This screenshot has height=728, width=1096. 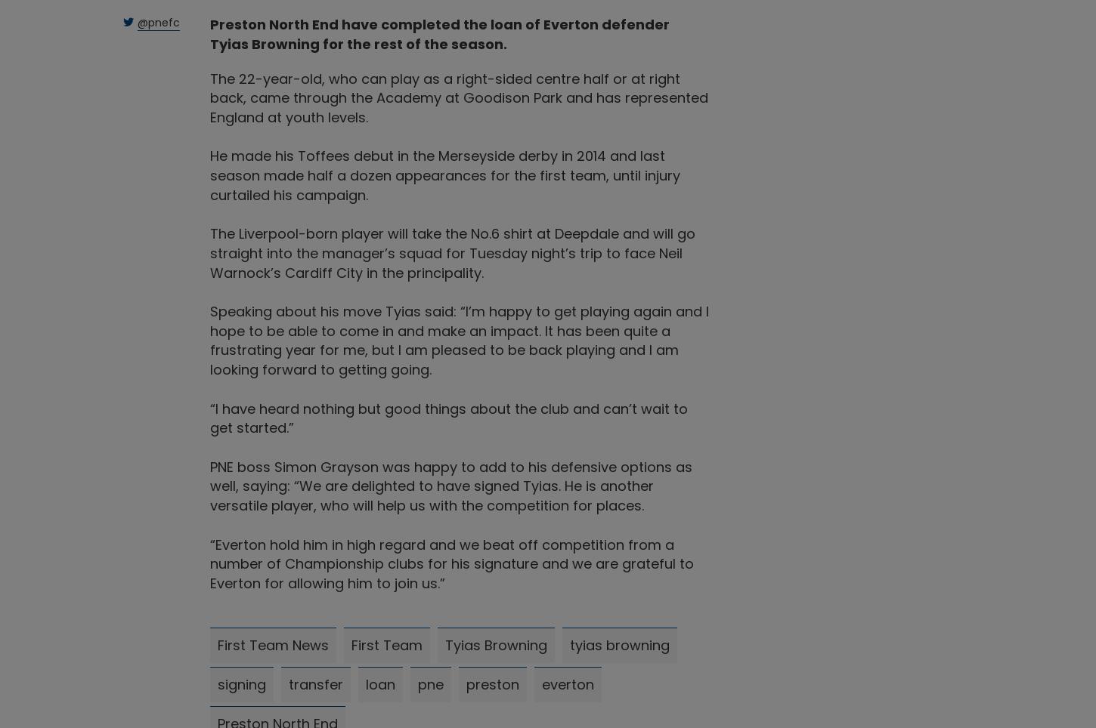 What do you see at coordinates (458, 97) in the screenshot?
I see `'The 22-year-old, who can play as a right-sided centre half or at right back, came through the Academy at Goodison Park and has represented England at youth levels.'` at bounding box center [458, 97].